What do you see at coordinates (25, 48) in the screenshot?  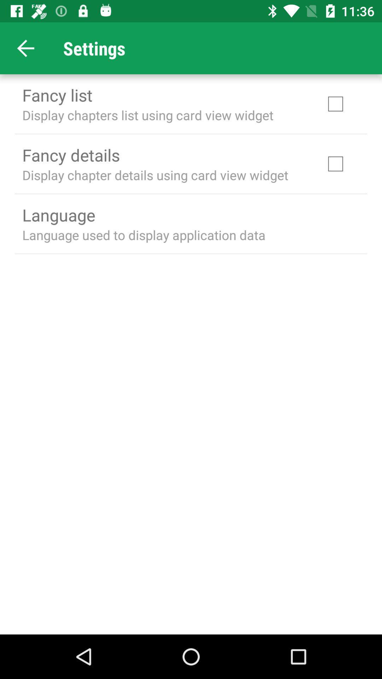 I see `go back` at bounding box center [25, 48].